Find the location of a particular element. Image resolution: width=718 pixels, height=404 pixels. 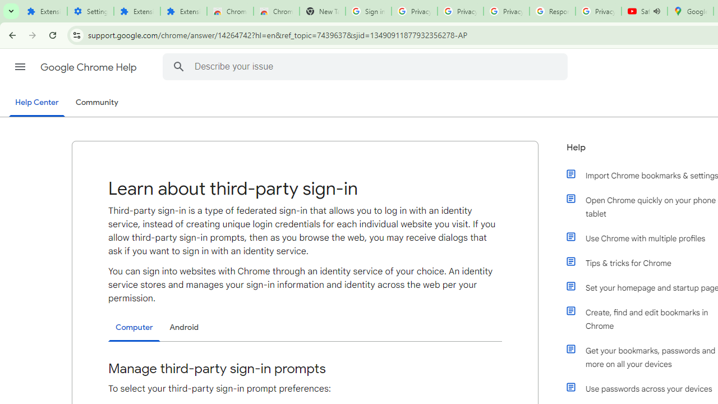

'Search Help Center' is located at coordinates (178, 66).